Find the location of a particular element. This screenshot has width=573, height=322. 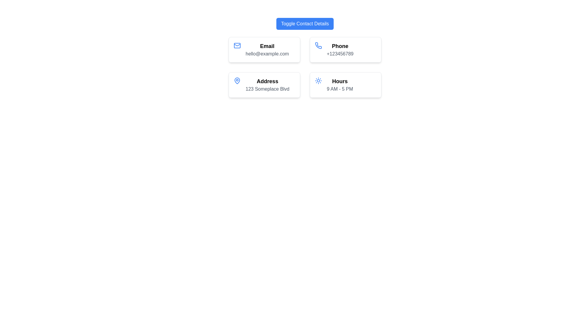

the text label displaying 'Phone' in bold, located in the upper-right quadrant of the contact information section is located at coordinates (340, 46).